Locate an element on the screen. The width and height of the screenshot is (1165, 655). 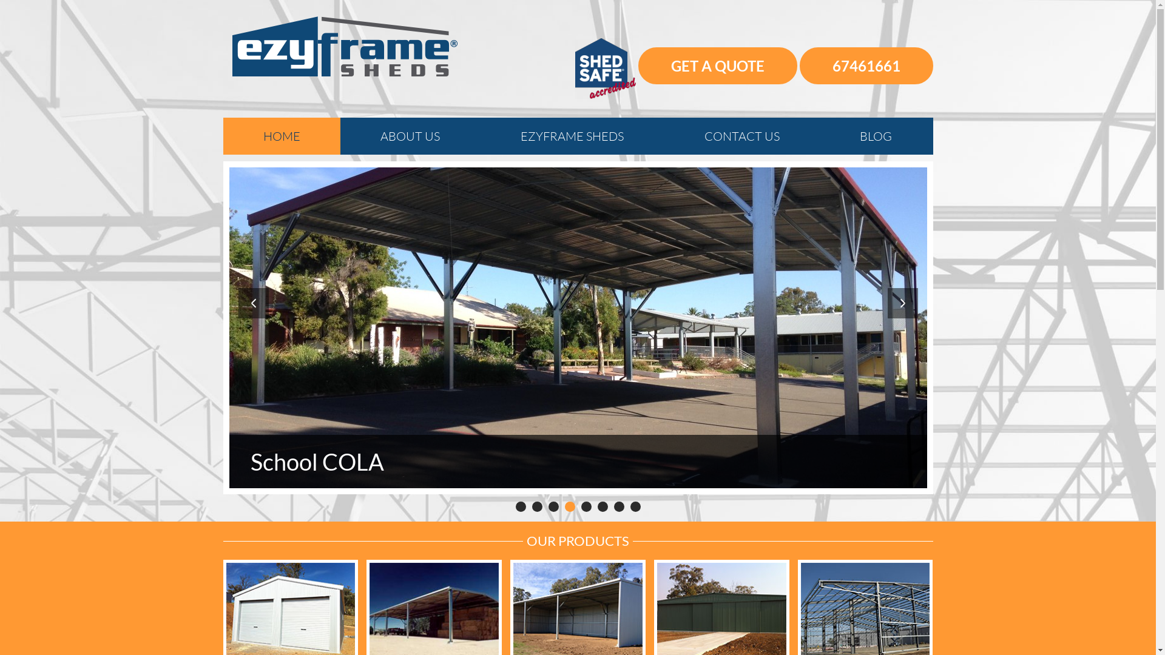
'BLOG' is located at coordinates (819, 136).